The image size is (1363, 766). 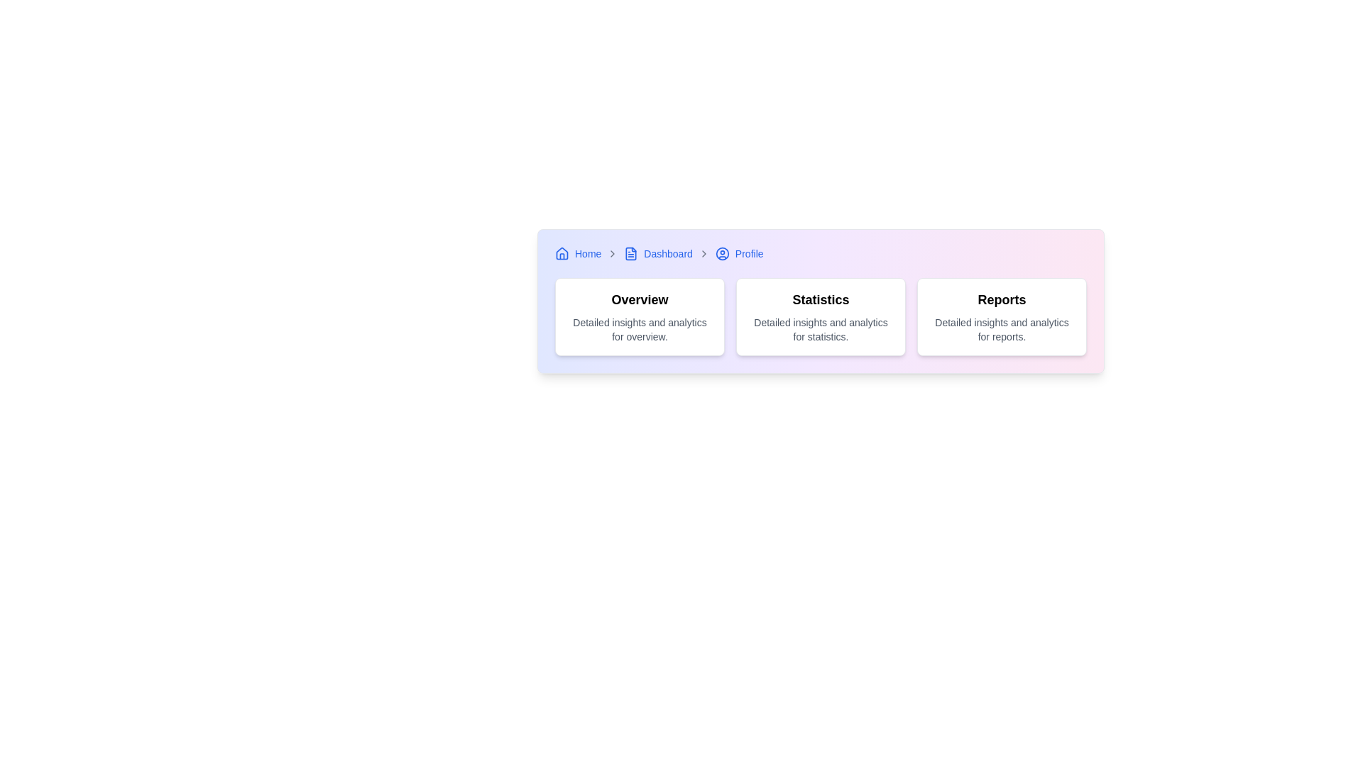 I want to click on the 'Home' text link, which is styled in blue and underlined on hover, located in the top-left corner of the navigation area, so click(x=588, y=253).